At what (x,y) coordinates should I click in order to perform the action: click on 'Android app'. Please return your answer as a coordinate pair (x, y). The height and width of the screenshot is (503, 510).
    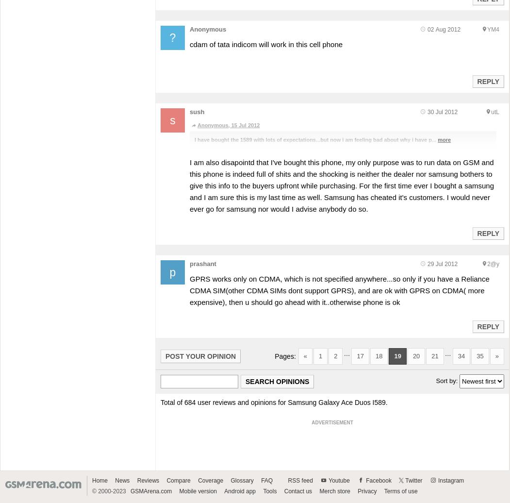
    Looking at the image, I should click on (240, 491).